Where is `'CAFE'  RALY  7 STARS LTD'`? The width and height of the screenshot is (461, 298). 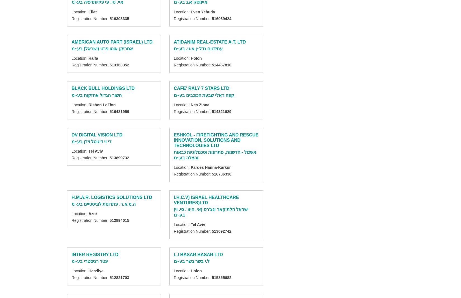 'CAFE'  RALY  7 STARS LTD' is located at coordinates (201, 88).